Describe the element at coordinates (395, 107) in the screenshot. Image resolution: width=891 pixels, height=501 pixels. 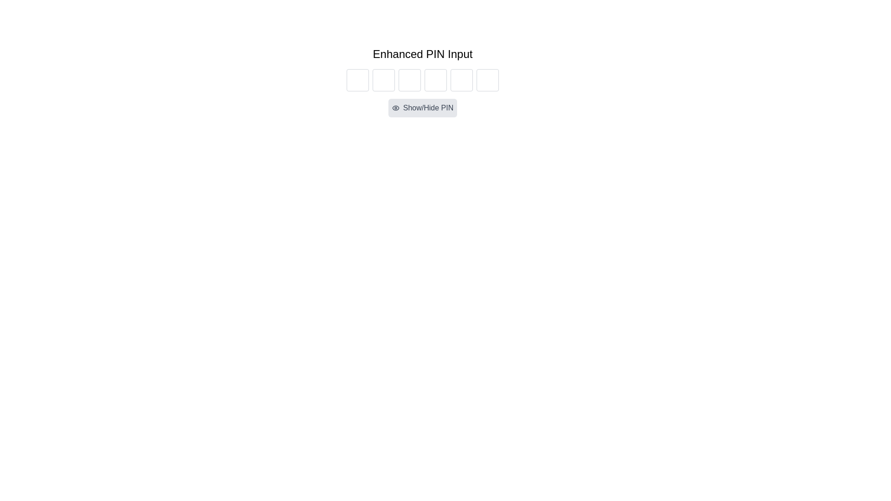
I see `the state change of the eye-shaped icon within the 'Show/Hide PIN' button by interacting with it` at that location.